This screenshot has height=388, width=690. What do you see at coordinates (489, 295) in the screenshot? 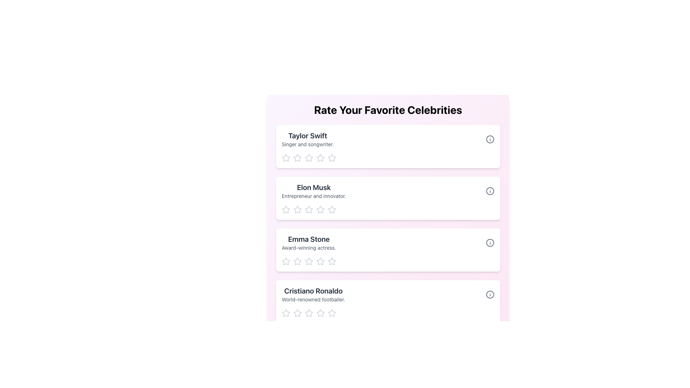
I see `the circle-shaped icon with an information symbol located at the far right end of the row labeled 'Cristiano Ronaldo'` at bounding box center [489, 295].